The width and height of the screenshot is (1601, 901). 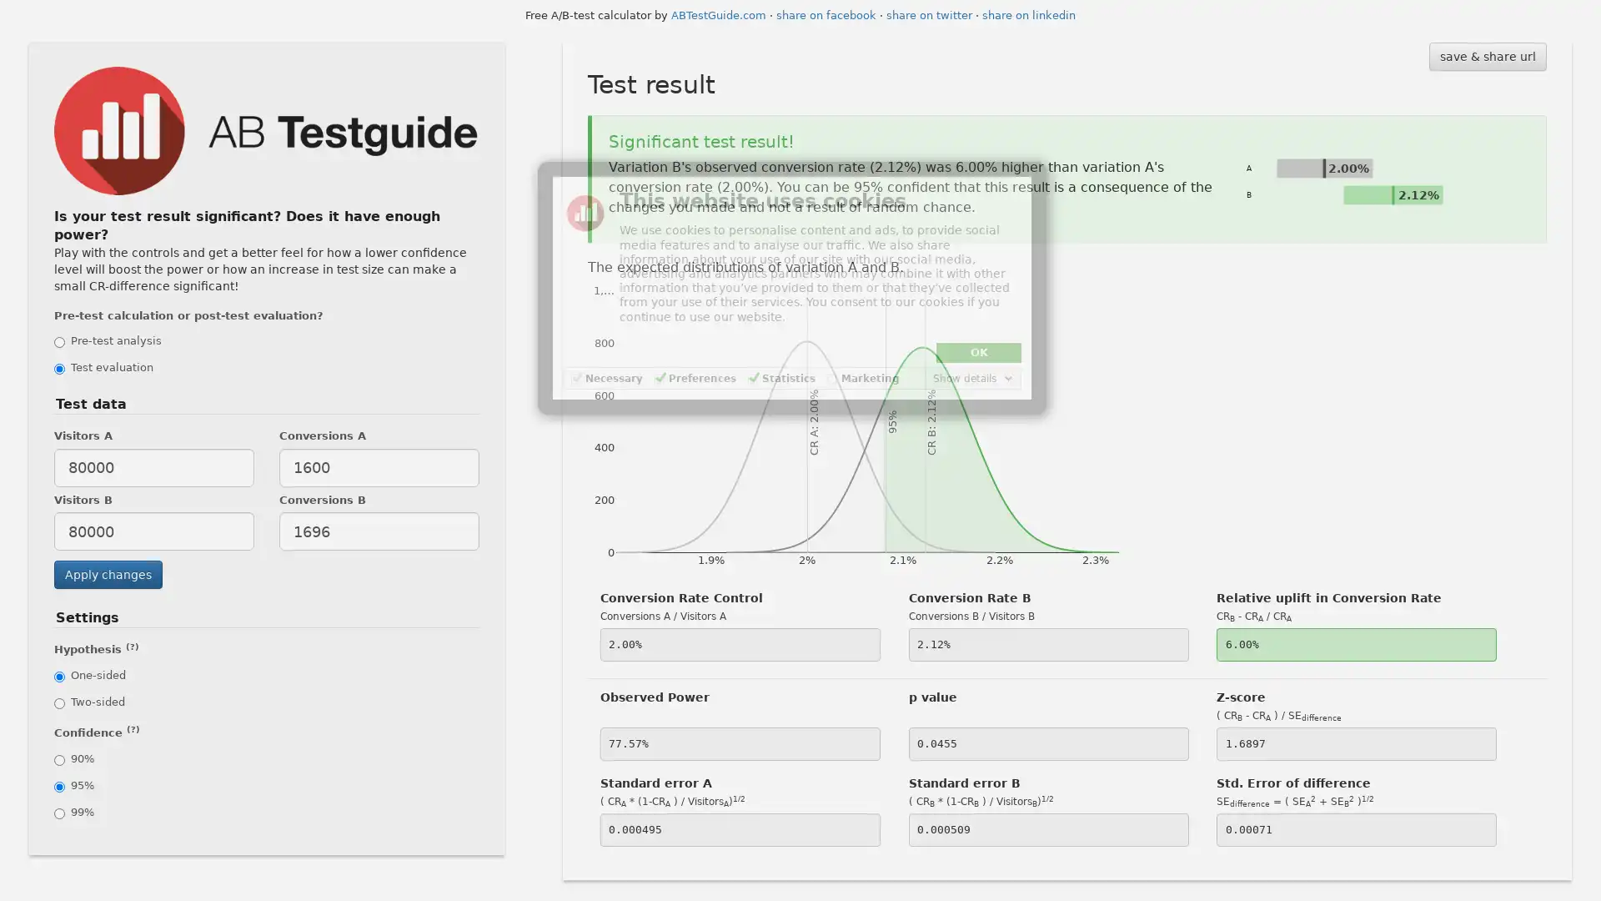 What do you see at coordinates (1487, 56) in the screenshot?
I see `save & share url` at bounding box center [1487, 56].